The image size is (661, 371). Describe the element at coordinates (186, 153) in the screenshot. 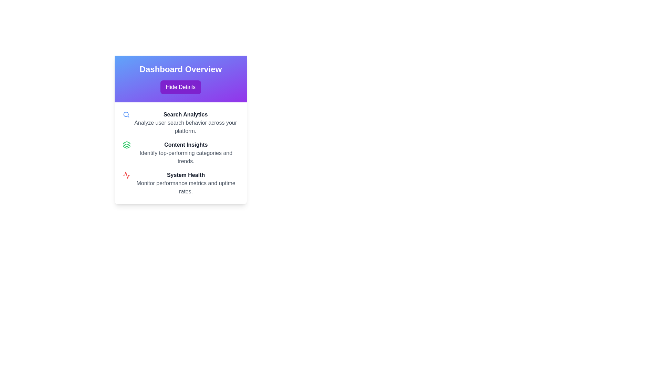

I see `the text block containing the bold heading 'Content Insights' and the smaller gray text 'Identify top-performing categories and trends.' This text block is the second entry in the 'Dashboard Overview' section` at that location.